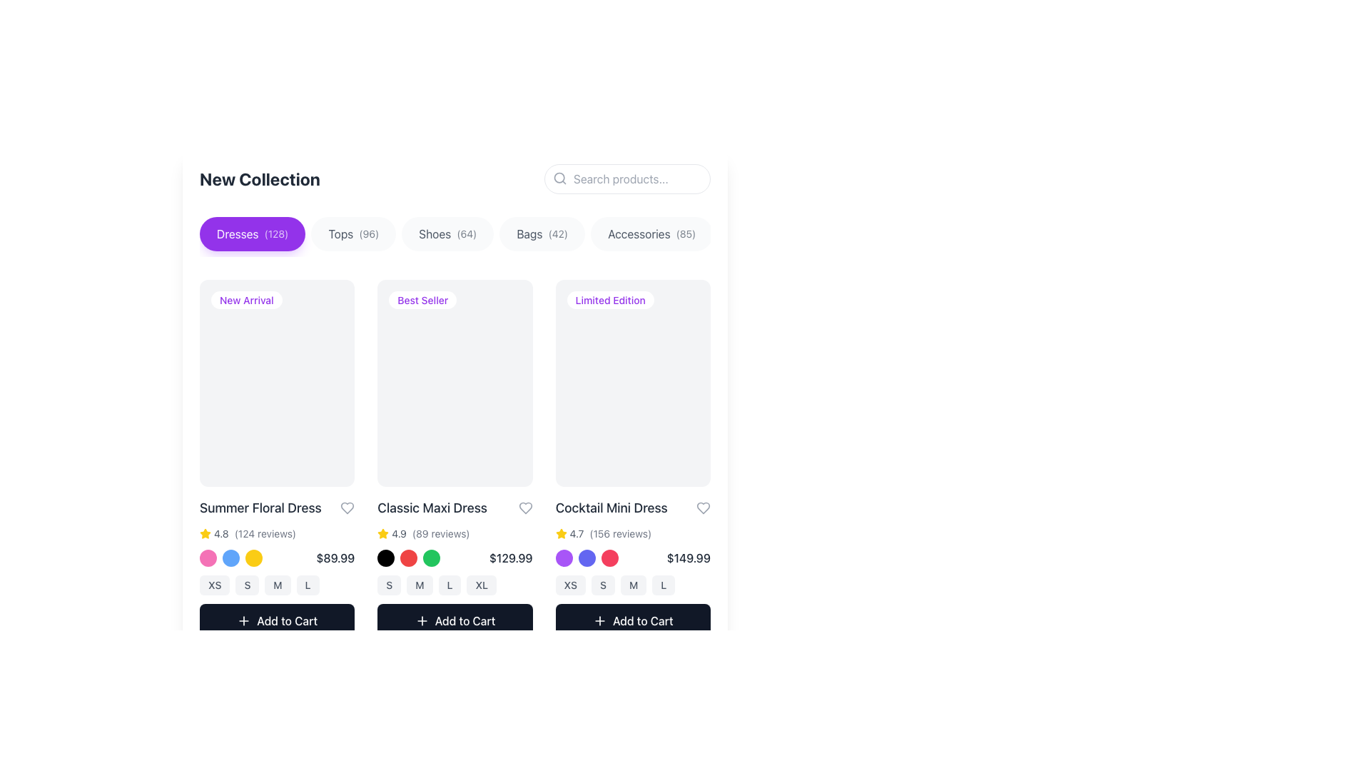 The image size is (1370, 771). What do you see at coordinates (277, 533) in the screenshot?
I see `the rating summary display for the 'Summer Floral Dress'` at bounding box center [277, 533].